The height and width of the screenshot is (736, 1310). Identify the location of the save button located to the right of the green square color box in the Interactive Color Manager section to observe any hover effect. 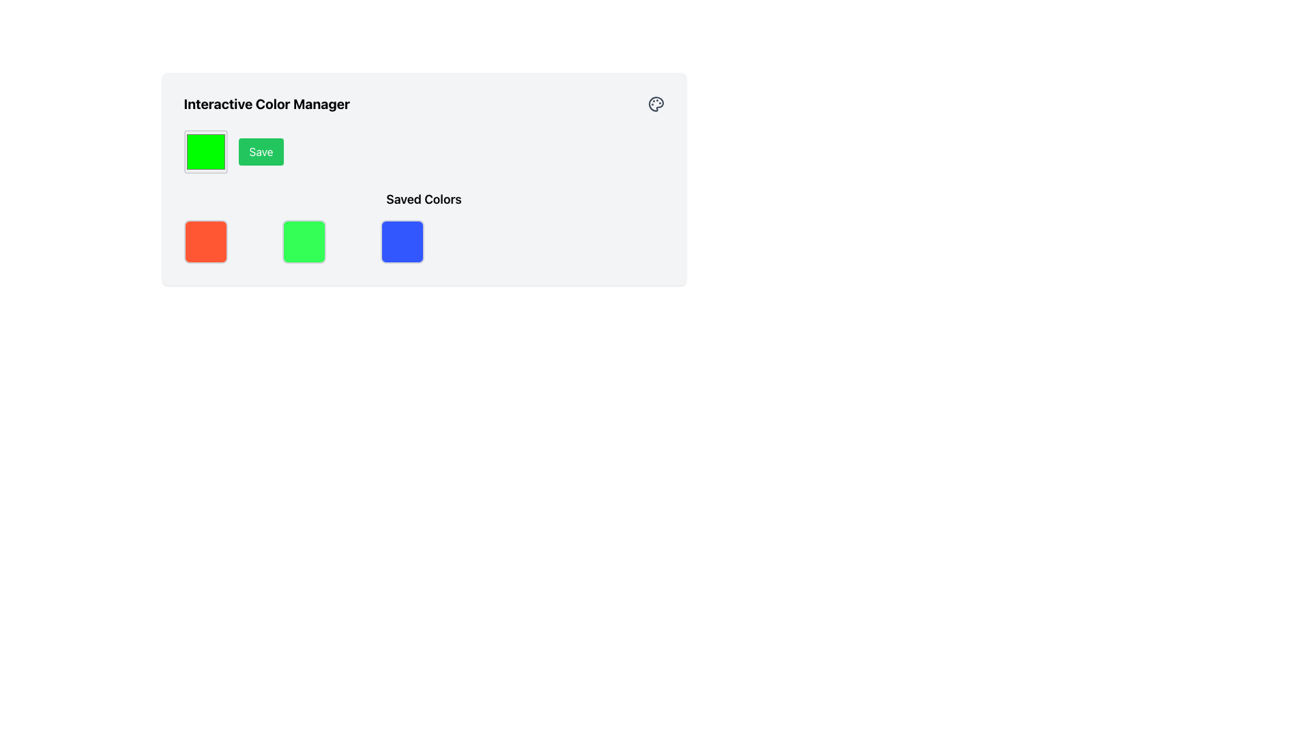
(261, 152).